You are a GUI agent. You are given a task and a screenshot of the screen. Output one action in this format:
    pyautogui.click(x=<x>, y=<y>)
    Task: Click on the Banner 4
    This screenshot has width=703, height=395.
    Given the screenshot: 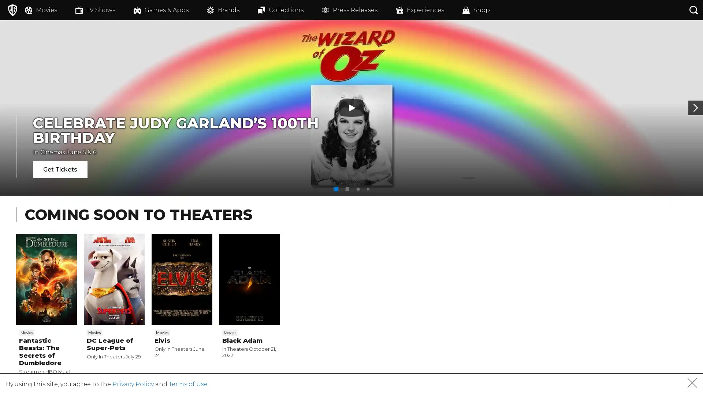 What is the action you would take?
    pyautogui.click(x=368, y=188)
    